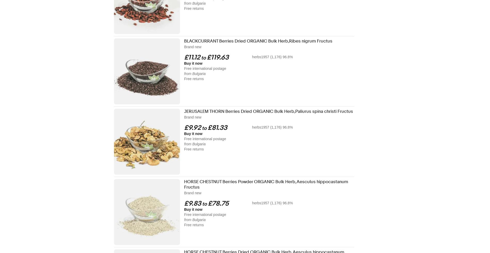 This screenshot has height=253, width=490. Describe the element at coordinates (258, 41) in the screenshot. I see `'BLACKCURRANT Berries Dried ORGANIC Bulk Herb,Ribes nigrum Fructus'` at that location.